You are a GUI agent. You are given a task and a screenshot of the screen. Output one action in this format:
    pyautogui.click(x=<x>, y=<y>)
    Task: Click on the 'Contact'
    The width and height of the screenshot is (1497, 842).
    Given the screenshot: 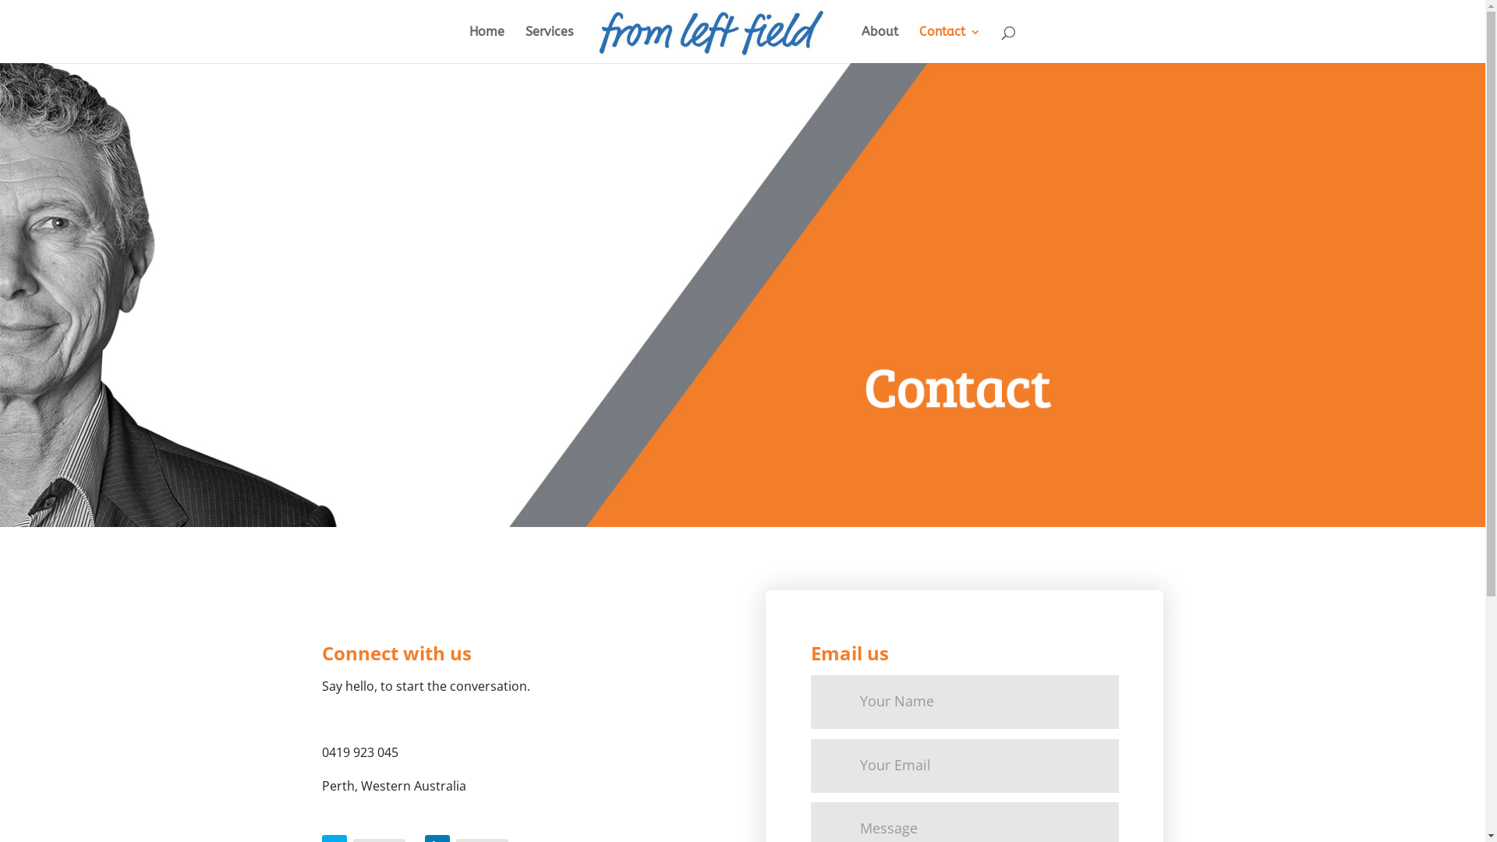 What is the action you would take?
    pyautogui.click(x=949, y=44)
    